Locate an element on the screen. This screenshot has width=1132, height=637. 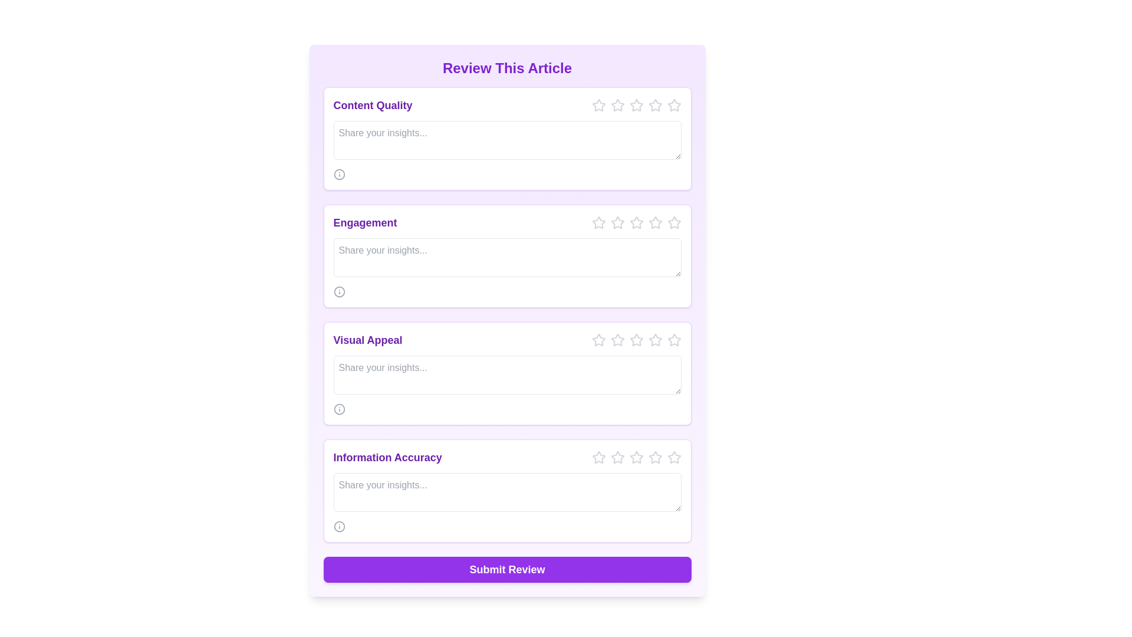
the fifth star icon in the series of five stars under the 'Information Accuracy' section to trigger a visual change is located at coordinates (636, 457).